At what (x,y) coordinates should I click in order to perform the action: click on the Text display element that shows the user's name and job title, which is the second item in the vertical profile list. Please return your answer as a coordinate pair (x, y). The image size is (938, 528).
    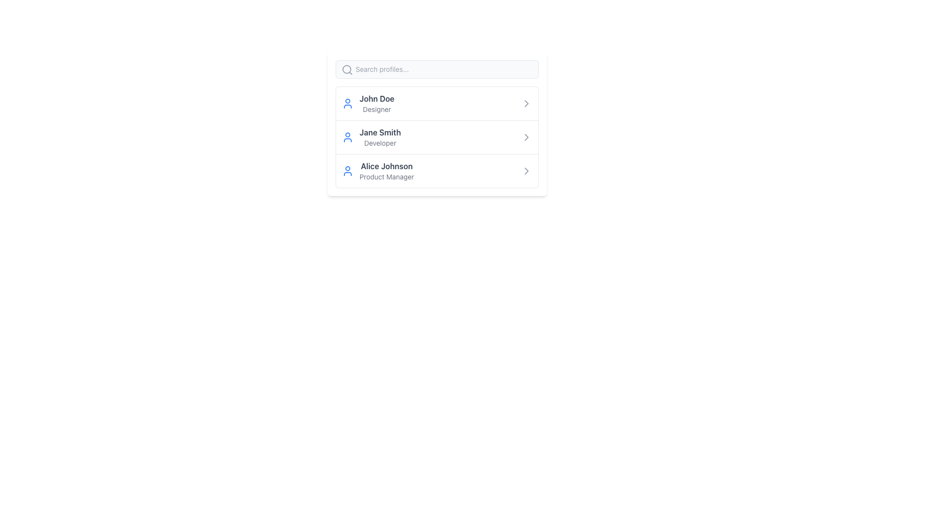
    Looking at the image, I should click on (380, 137).